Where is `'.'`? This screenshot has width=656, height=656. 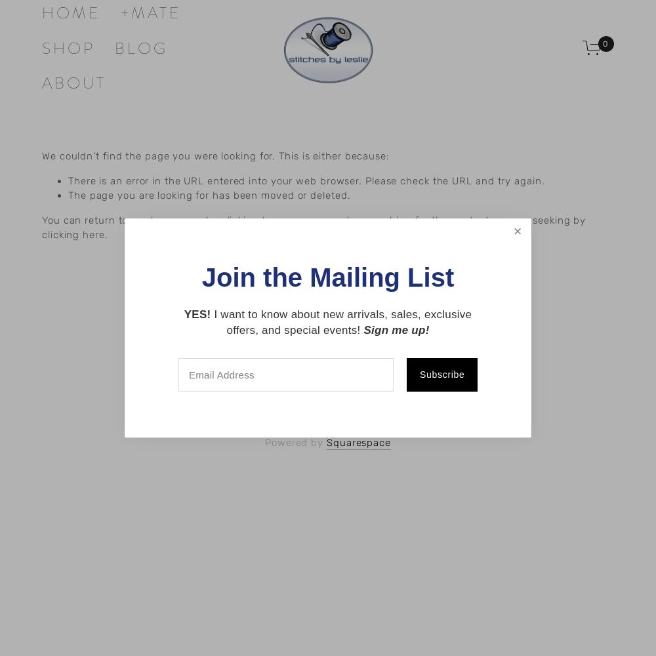
'.' is located at coordinates (104, 234).